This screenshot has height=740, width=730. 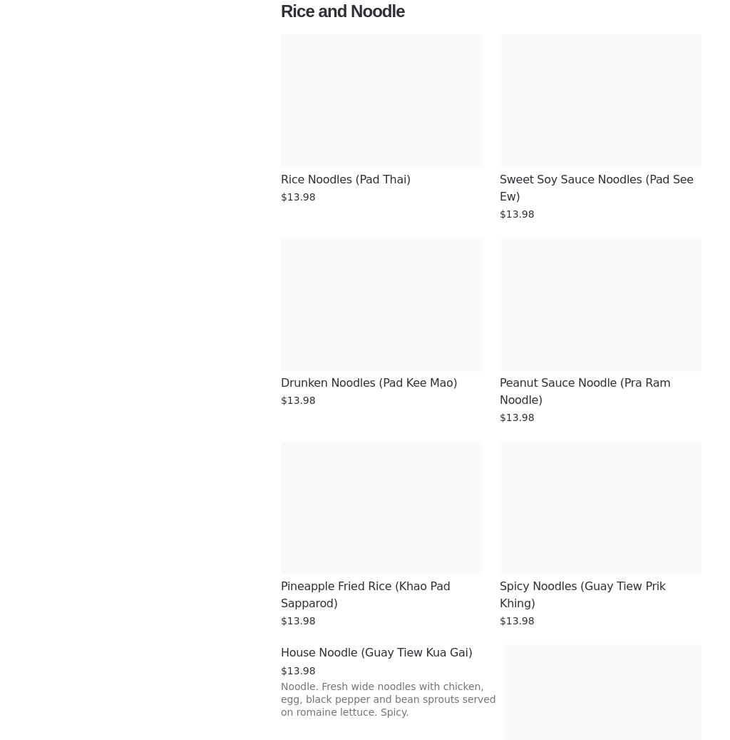 I want to click on 'Rice Noodles (Pad Thai)', so click(x=344, y=178).